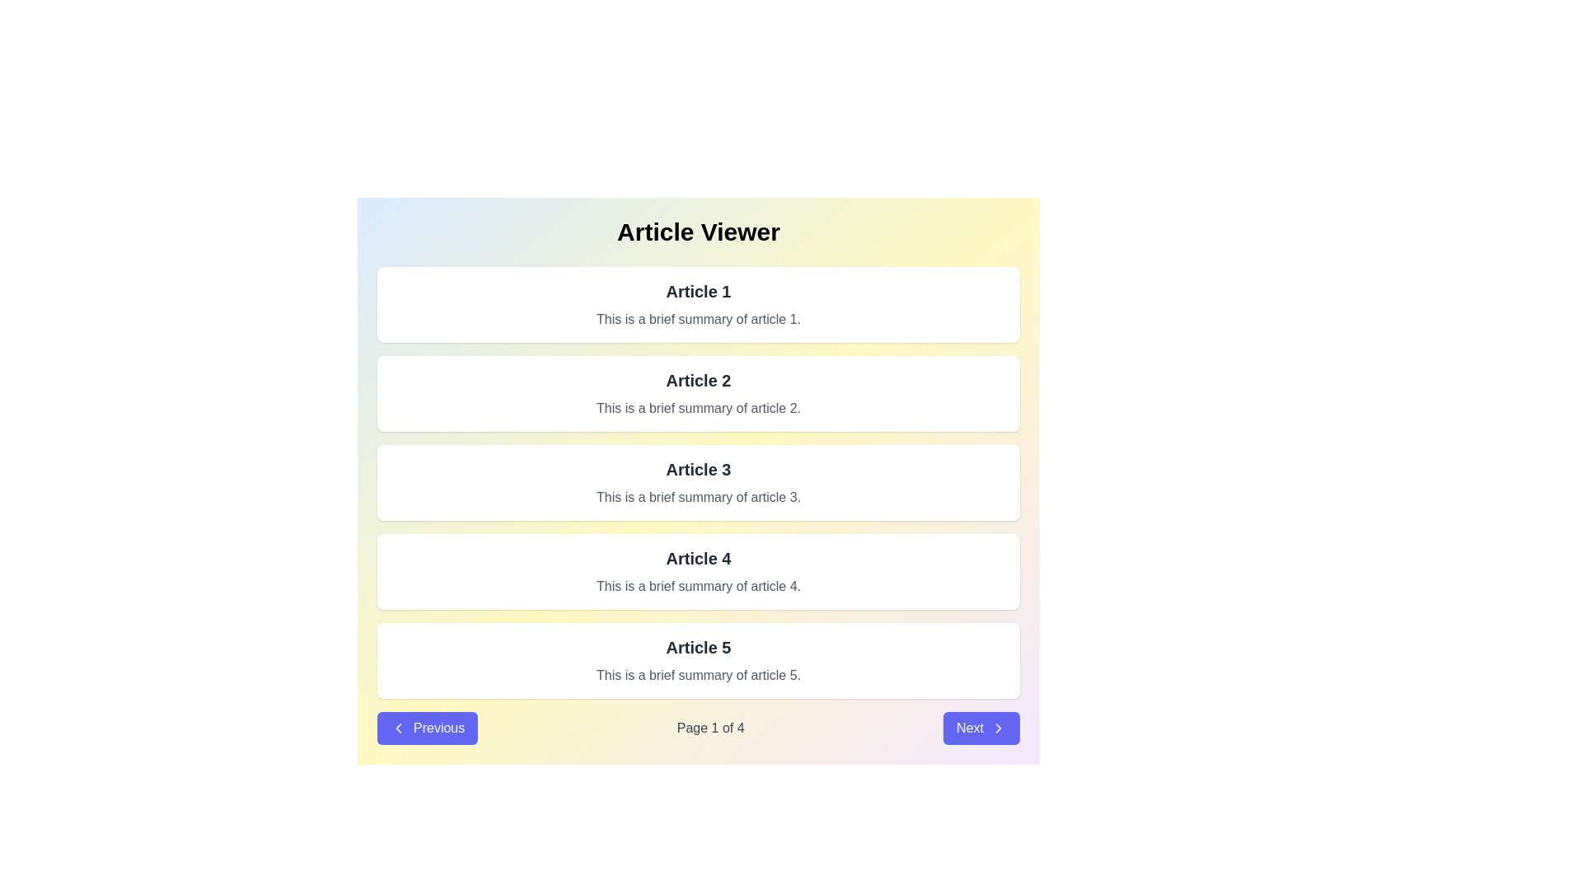  Describe the element at coordinates (699, 558) in the screenshot. I see `the title text of the fourth article to associate it with related content in its panel` at that location.